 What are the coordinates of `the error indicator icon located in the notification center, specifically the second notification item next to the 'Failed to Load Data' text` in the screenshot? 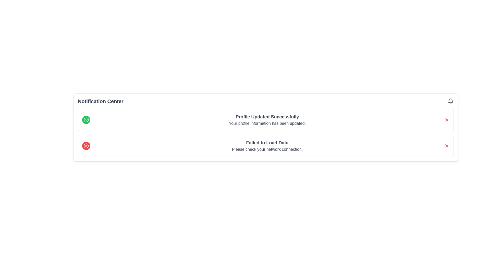 It's located at (86, 146).